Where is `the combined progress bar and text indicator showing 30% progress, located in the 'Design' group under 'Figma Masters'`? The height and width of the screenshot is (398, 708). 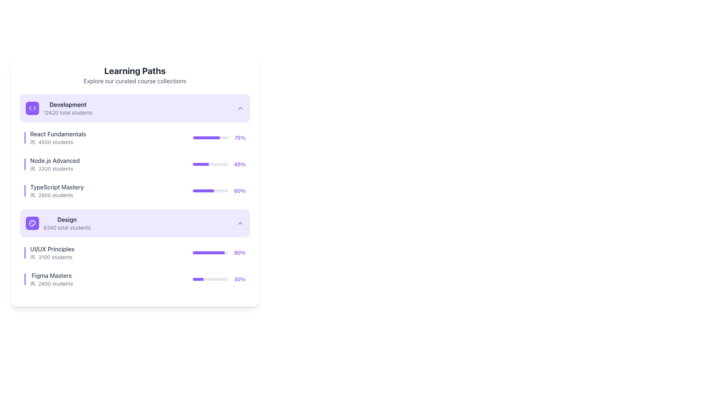 the combined progress bar and text indicator showing 30% progress, located in the 'Design' group under 'Figma Masters' is located at coordinates (219, 279).